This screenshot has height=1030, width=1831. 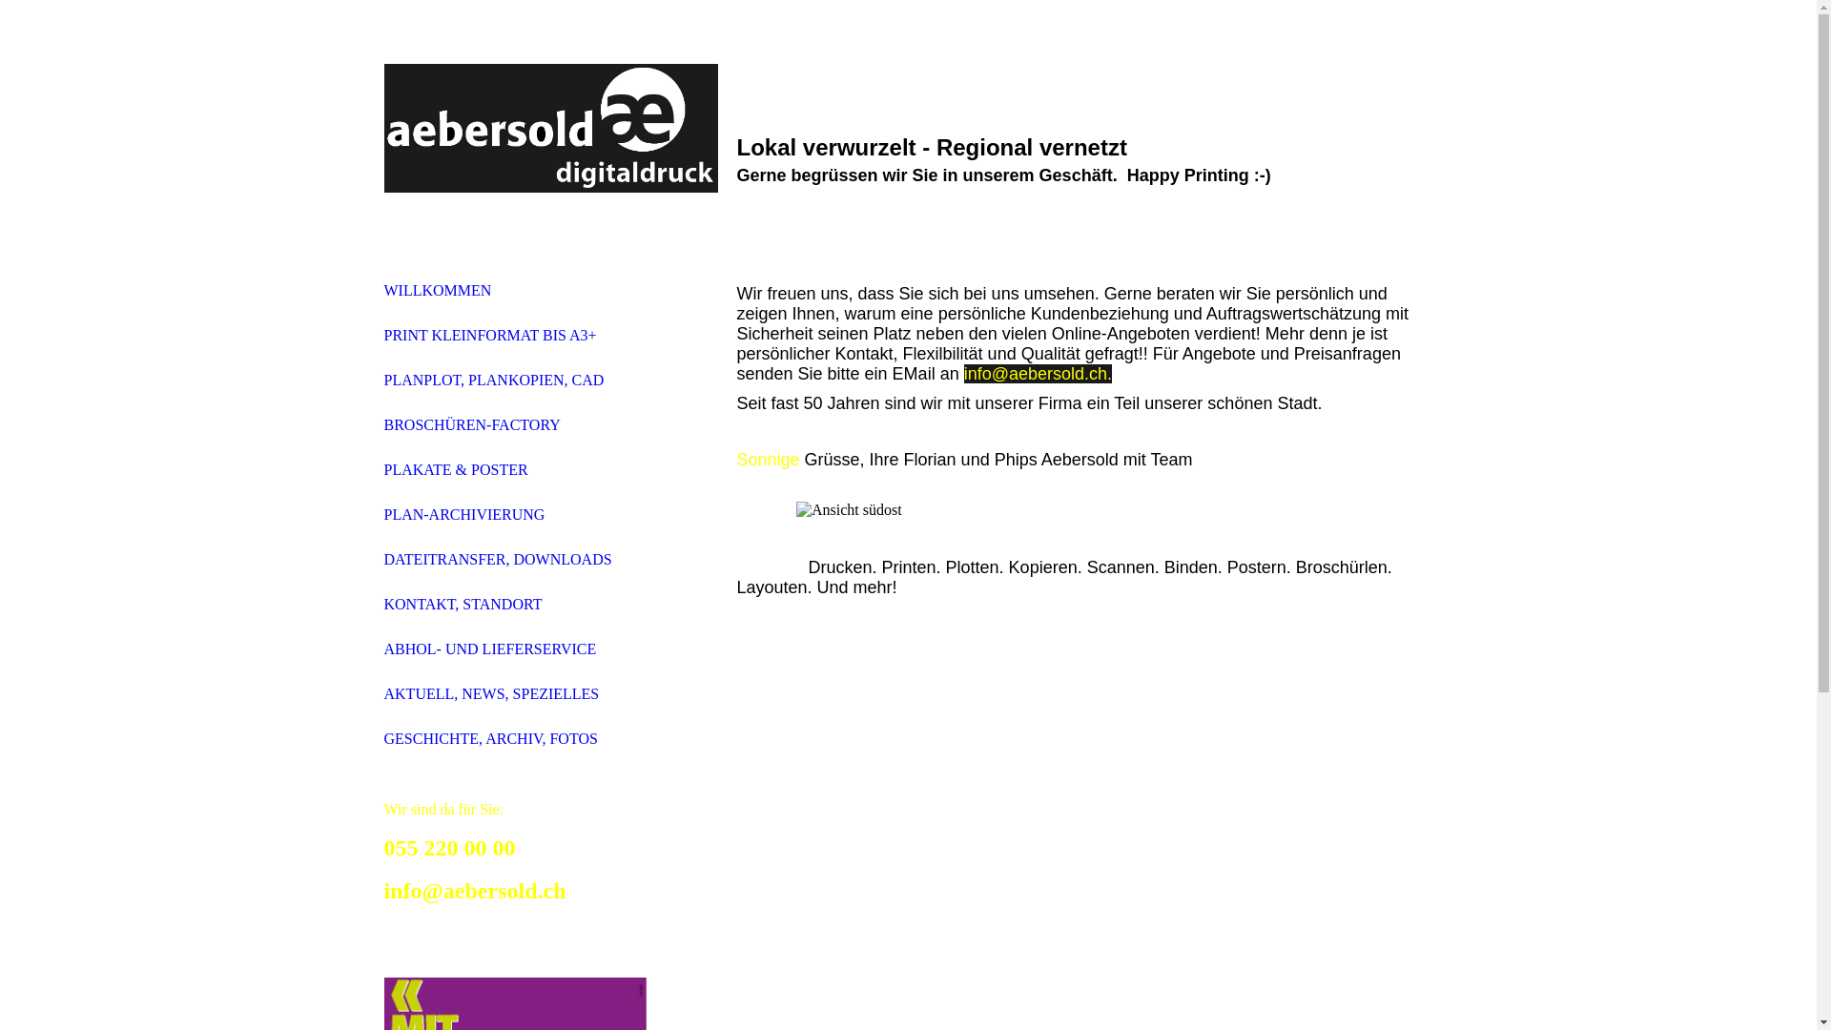 I want to click on 'KONTAKT, STANDORT', so click(x=462, y=604).